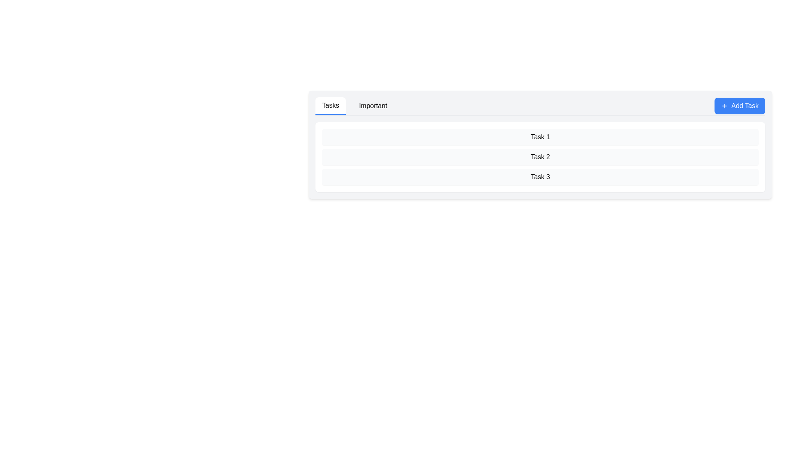  Describe the element at coordinates (724, 105) in the screenshot. I see `the plus-shaped icon located to the left of the 'Add Task' button, which has a minimalist design in white against a blue background` at that location.